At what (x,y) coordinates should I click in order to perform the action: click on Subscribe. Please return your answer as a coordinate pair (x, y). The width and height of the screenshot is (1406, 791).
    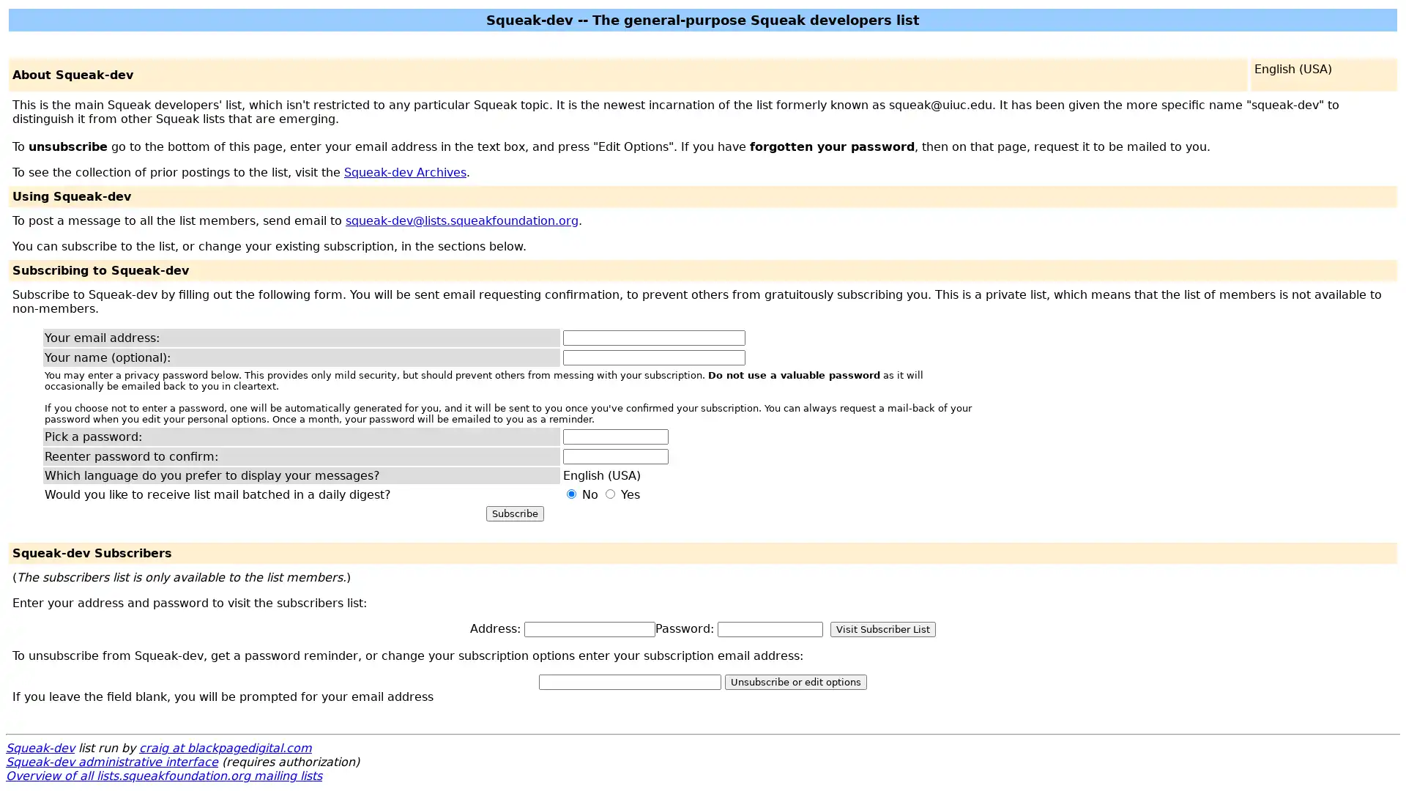
    Looking at the image, I should click on (514, 513).